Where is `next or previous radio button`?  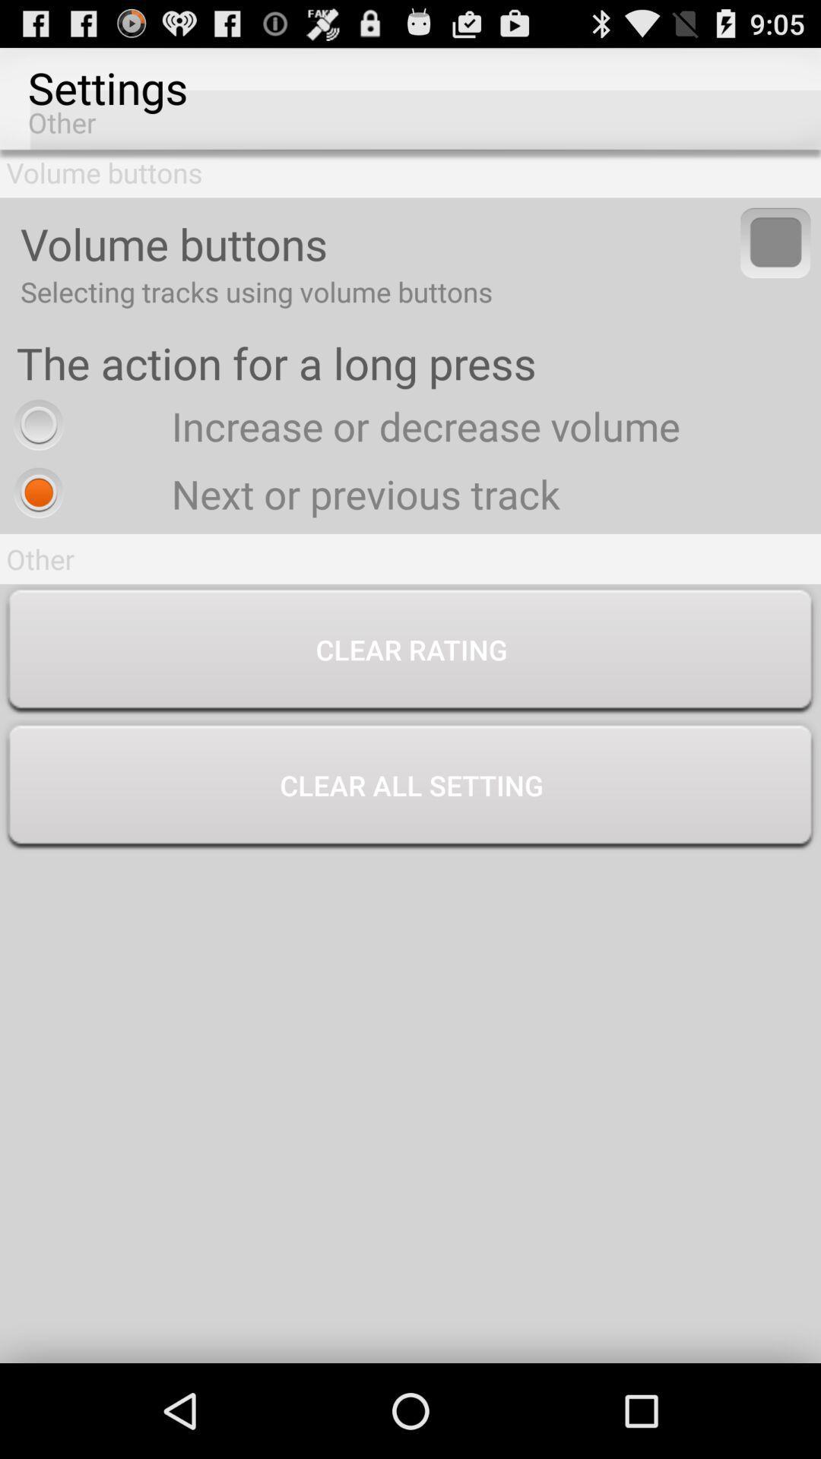
next or previous radio button is located at coordinates (283, 493).